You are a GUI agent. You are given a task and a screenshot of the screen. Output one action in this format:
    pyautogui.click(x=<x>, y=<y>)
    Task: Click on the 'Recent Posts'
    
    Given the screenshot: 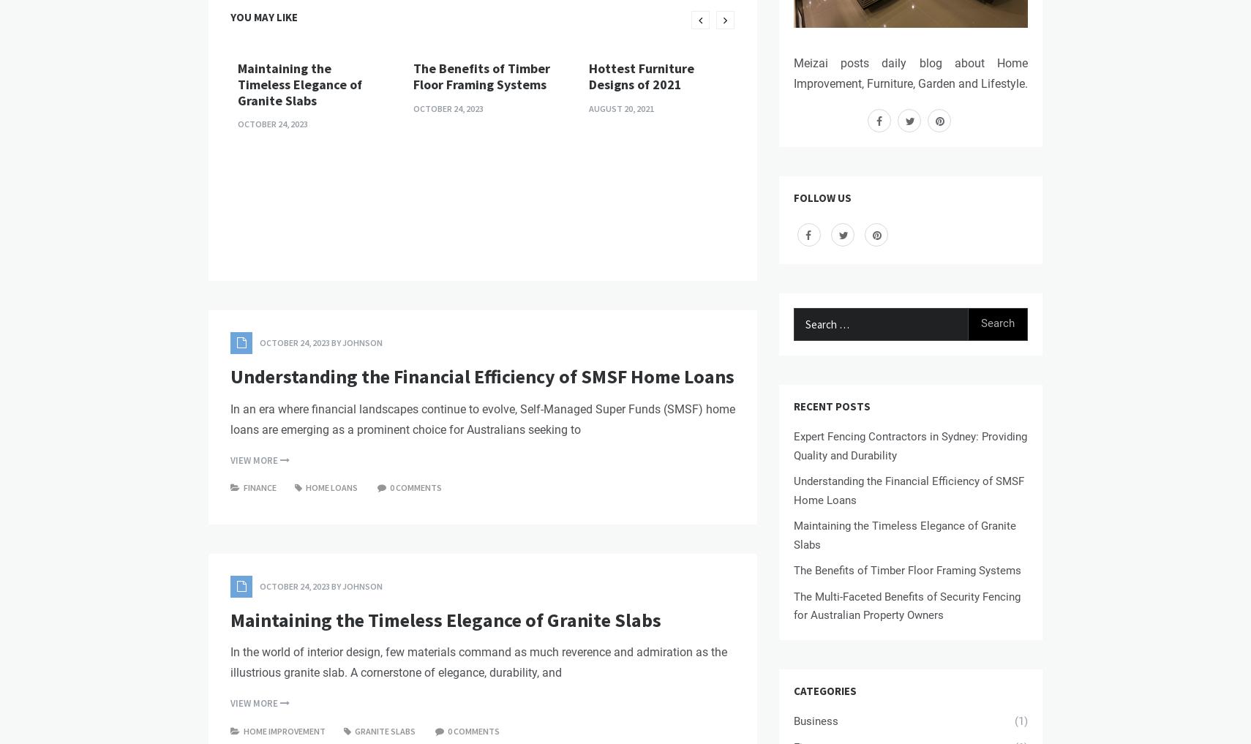 What is the action you would take?
    pyautogui.click(x=792, y=405)
    